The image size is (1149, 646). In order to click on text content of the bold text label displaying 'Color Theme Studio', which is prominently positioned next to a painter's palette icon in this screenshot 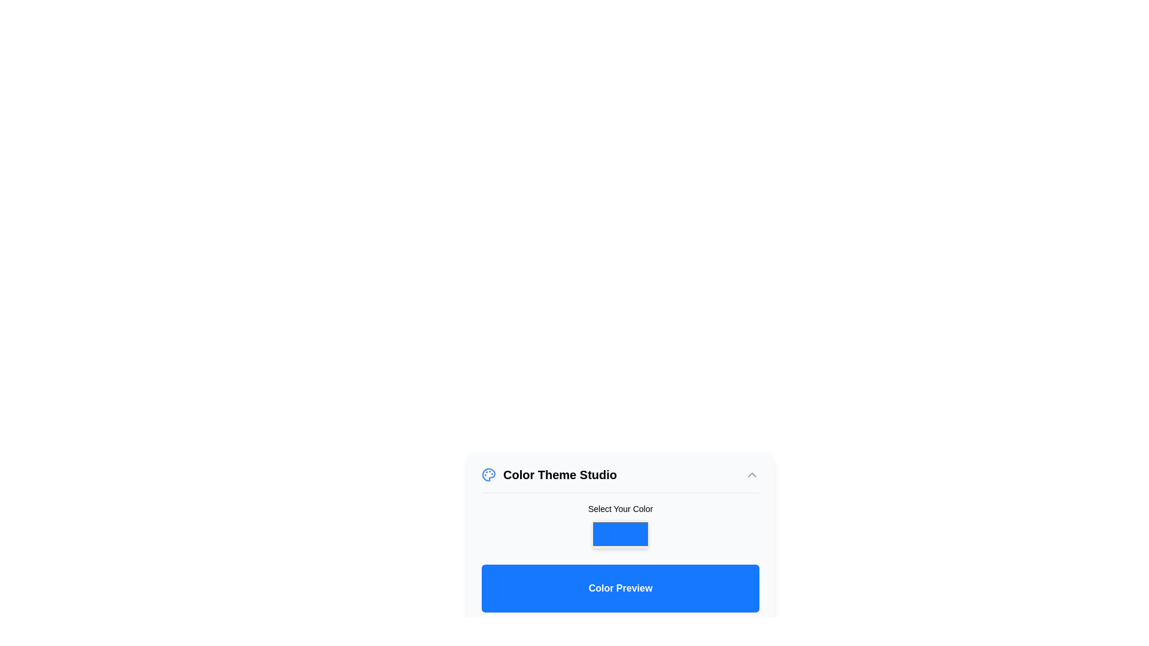, I will do `click(560, 474)`.